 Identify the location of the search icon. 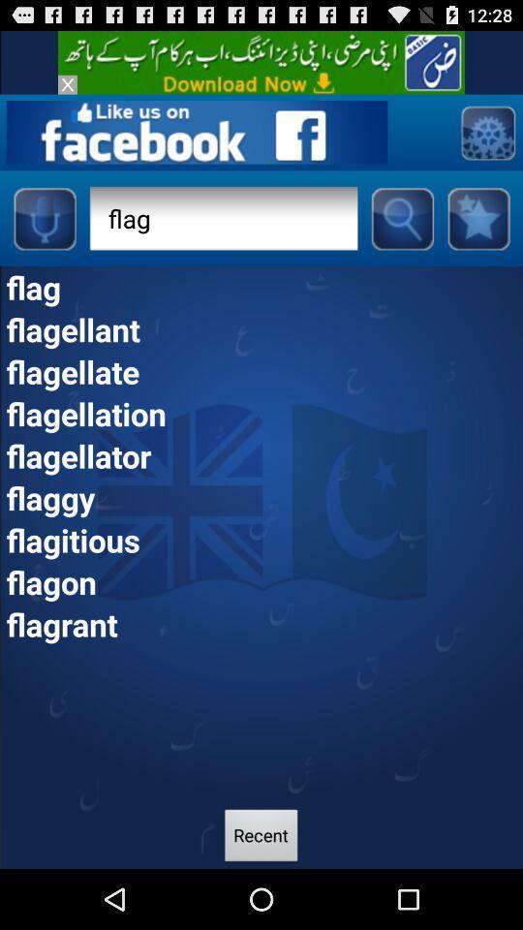
(401, 232).